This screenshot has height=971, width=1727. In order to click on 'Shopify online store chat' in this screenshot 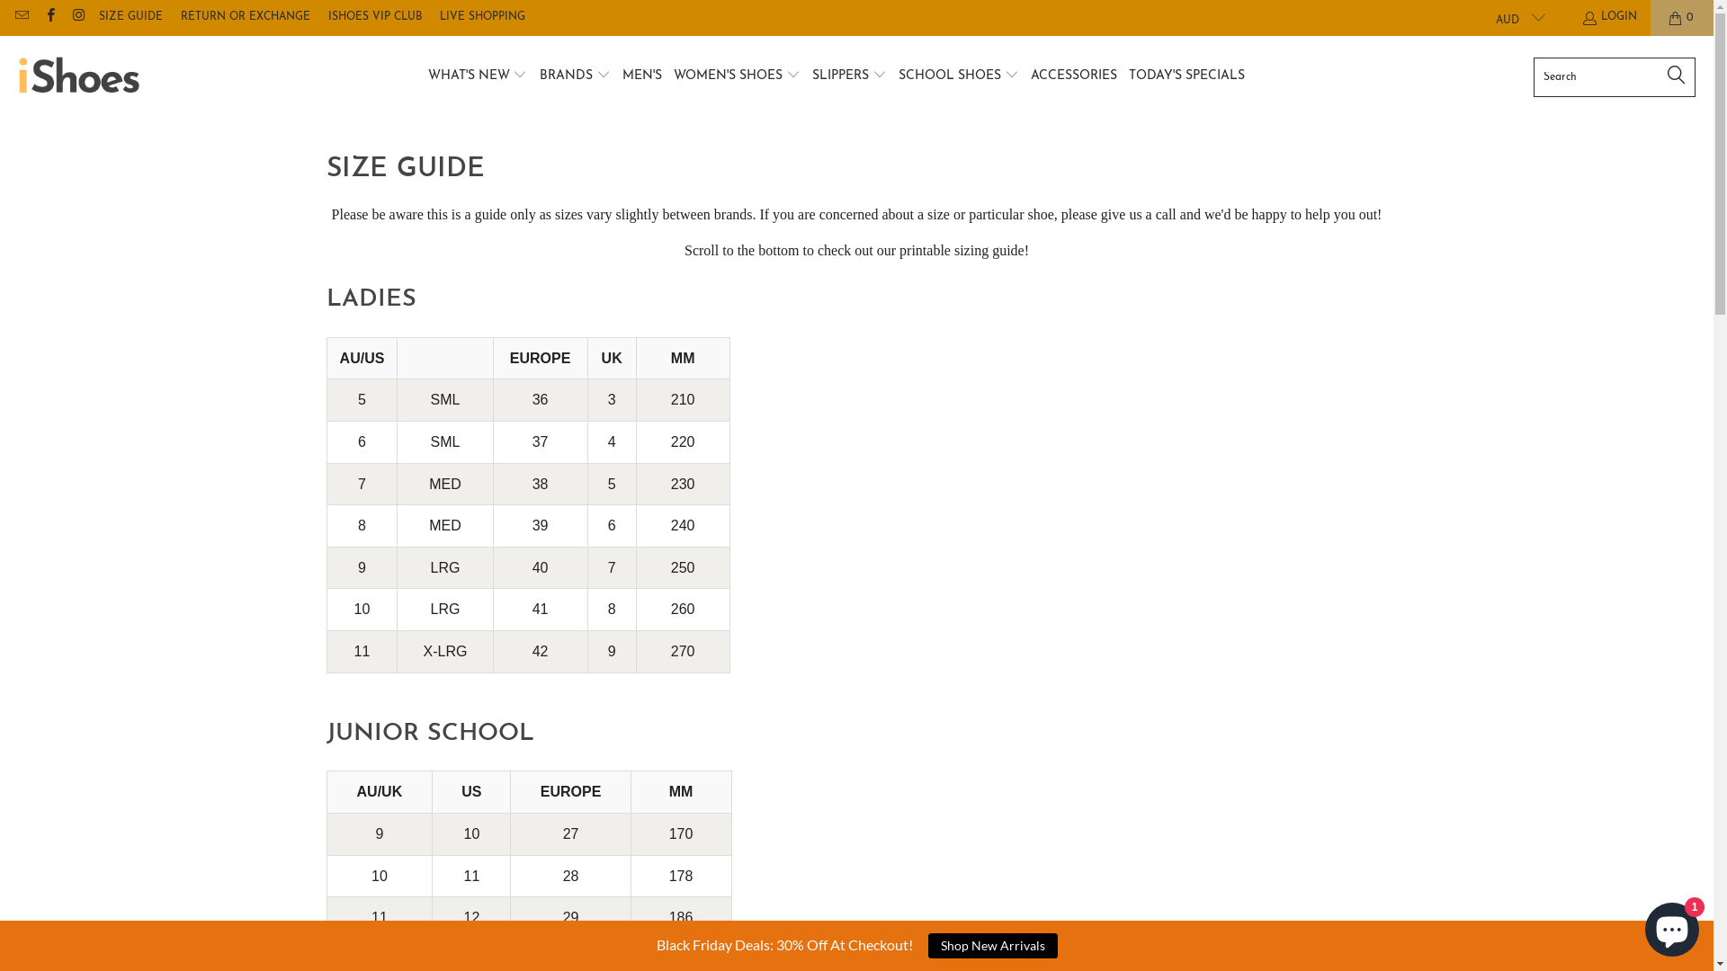, I will do `click(1670, 925)`.